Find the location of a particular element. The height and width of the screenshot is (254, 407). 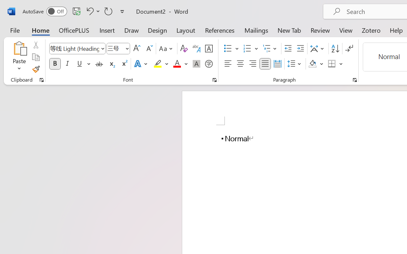

'Undo Typing' is located at coordinates (89, 11).